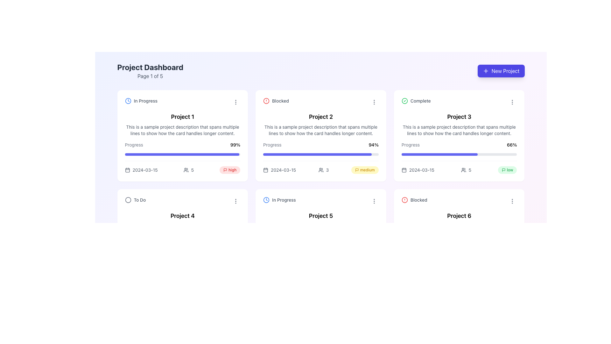 The width and height of the screenshot is (611, 344). I want to click on text of the text label that reads 'Complete.' located adjacent to a green circular icon in the top-right quadrant of the third card in the second row of the grid layout, so click(420, 100).